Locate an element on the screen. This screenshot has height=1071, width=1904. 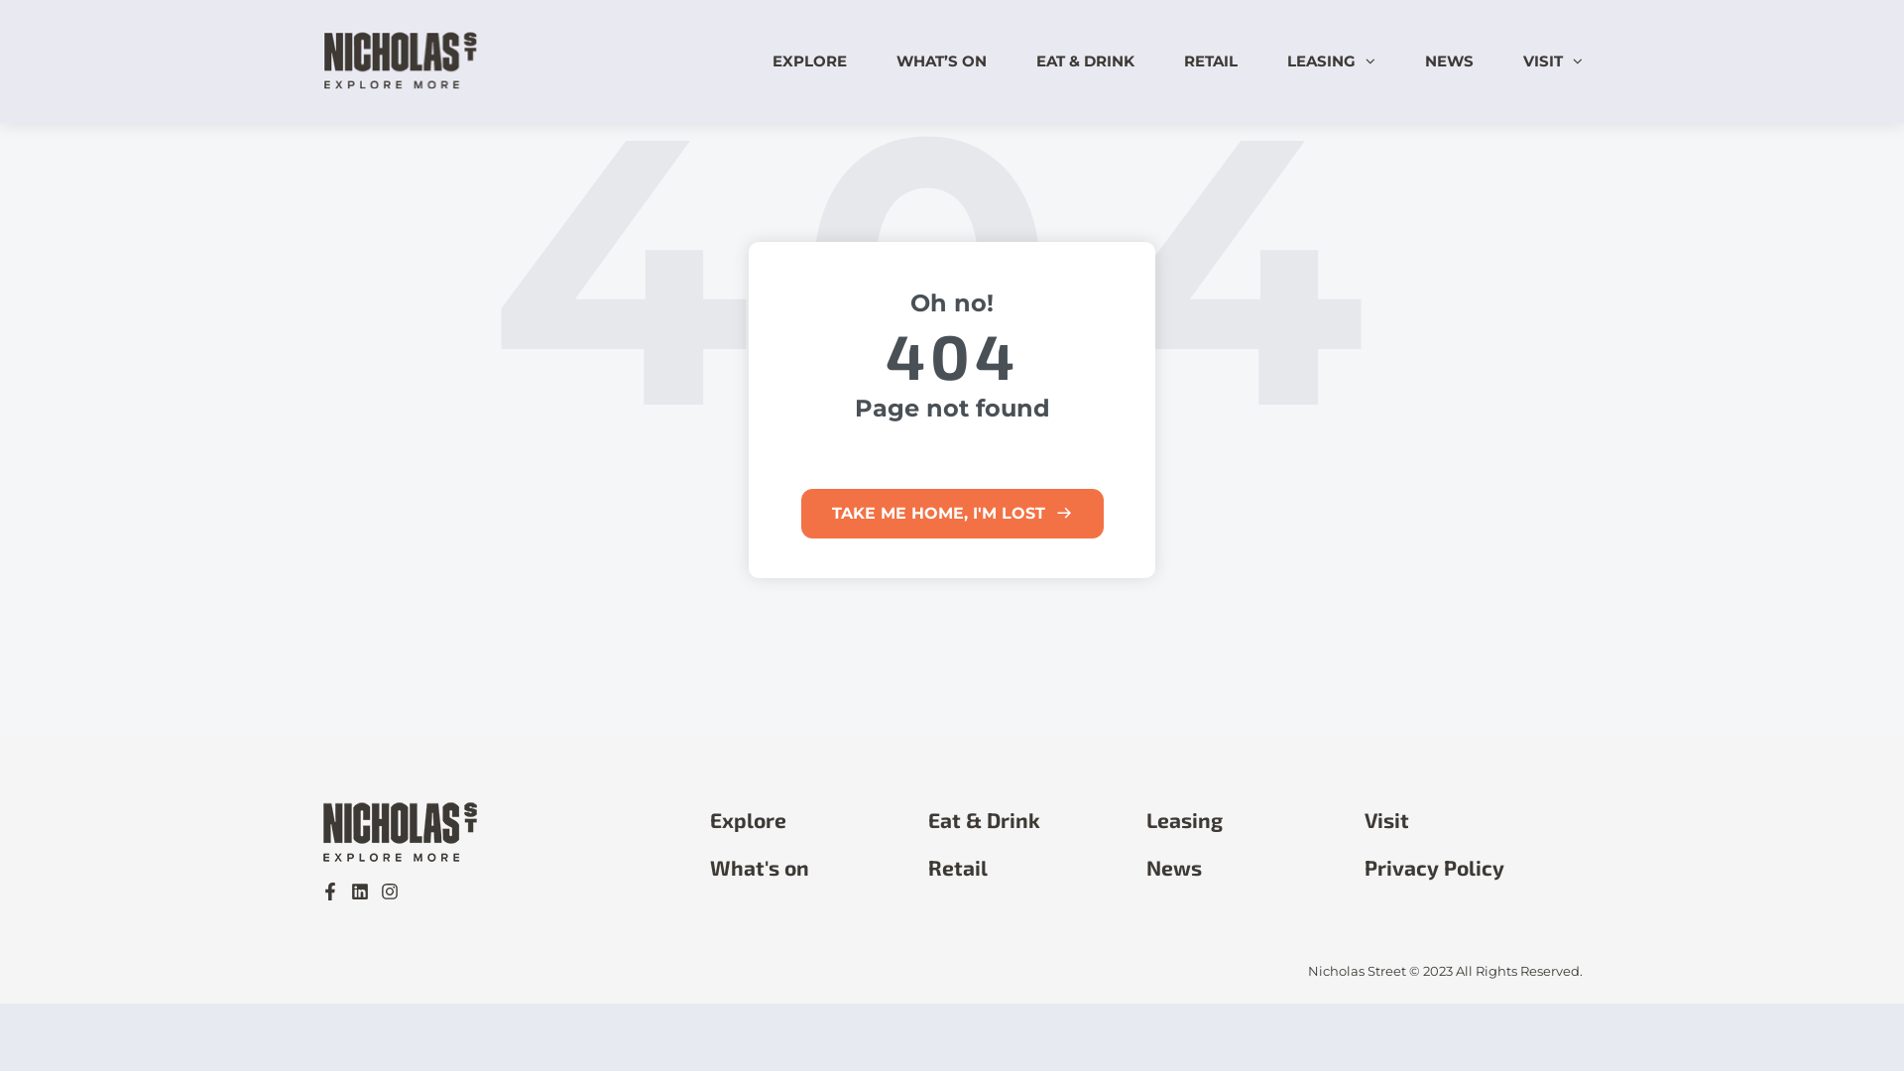
'Visit' is located at coordinates (1385, 819).